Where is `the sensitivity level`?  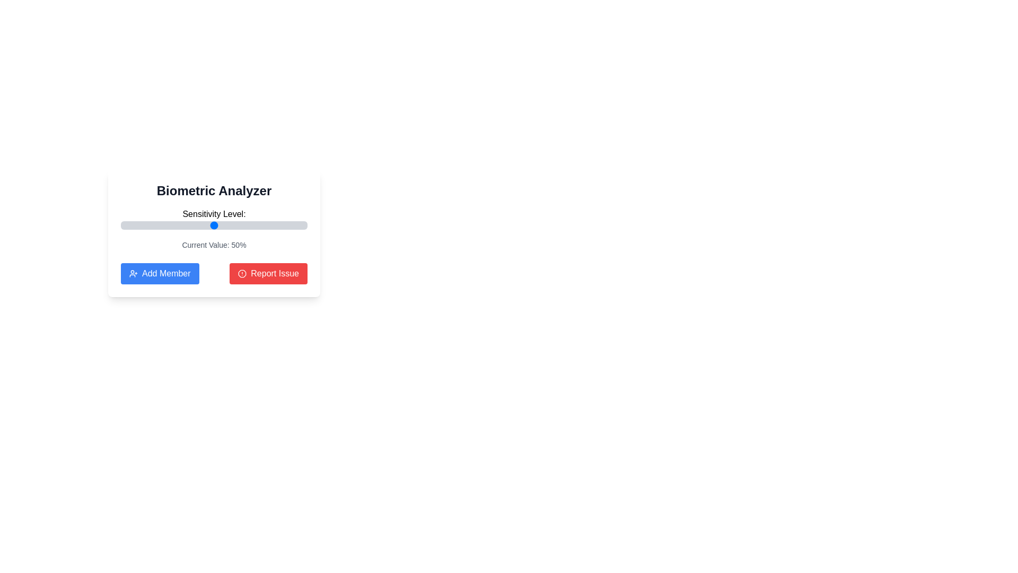 the sensitivity level is located at coordinates (173, 224).